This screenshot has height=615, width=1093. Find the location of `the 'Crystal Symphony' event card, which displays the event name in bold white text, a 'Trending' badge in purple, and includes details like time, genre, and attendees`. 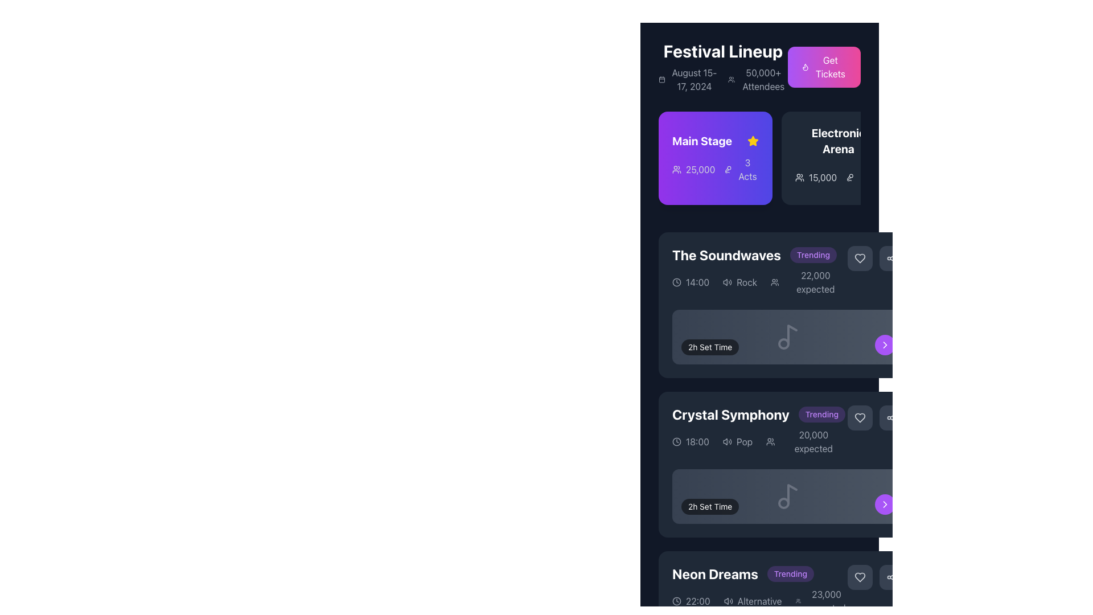

the 'Crystal Symphony' event card, which displays the event name in bold white text, a 'Trending' badge in purple, and includes details like time, genre, and attendees is located at coordinates (787, 465).